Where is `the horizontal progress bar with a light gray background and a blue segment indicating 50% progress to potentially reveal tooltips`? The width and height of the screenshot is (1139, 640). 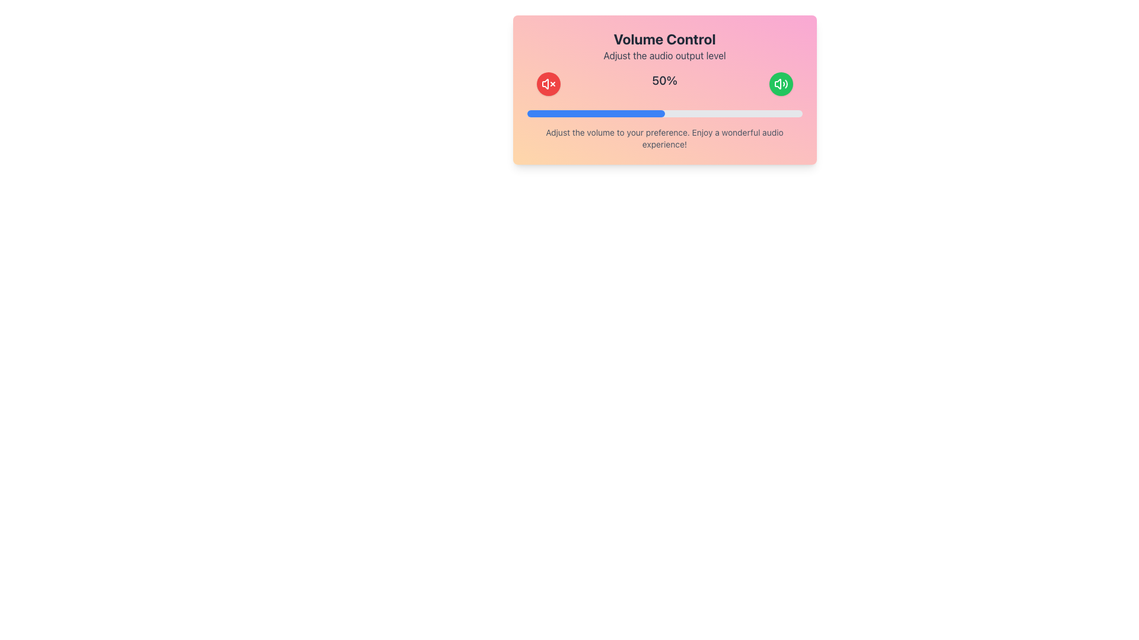
the horizontal progress bar with a light gray background and a blue segment indicating 50% progress to potentially reveal tooltips is located at coordinates (664, 114).